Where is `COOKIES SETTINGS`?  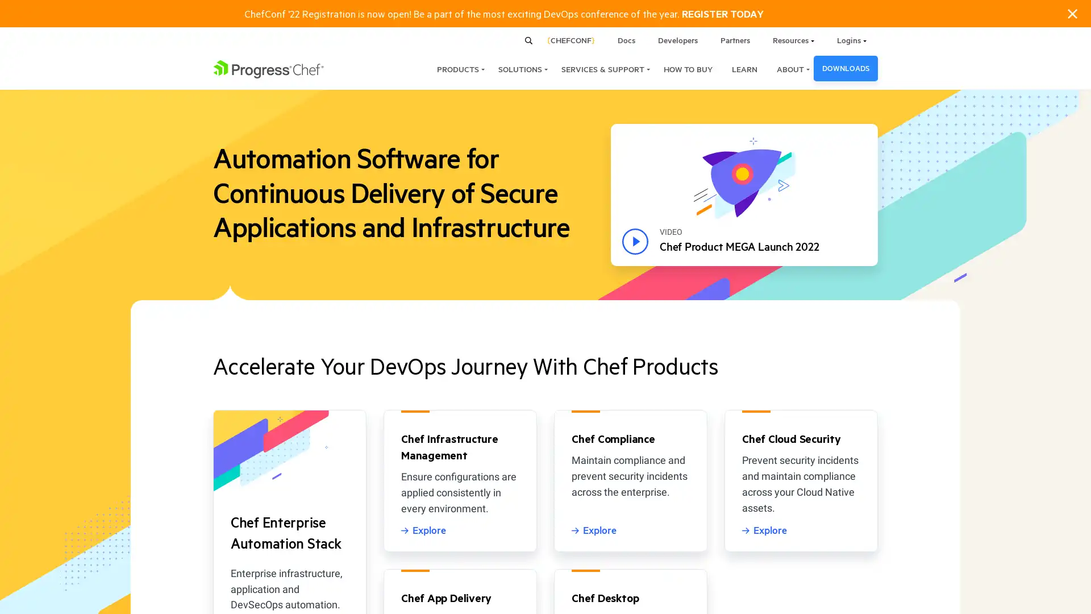 COOKIES SETTINGS is located at coordinates (1031, 591).